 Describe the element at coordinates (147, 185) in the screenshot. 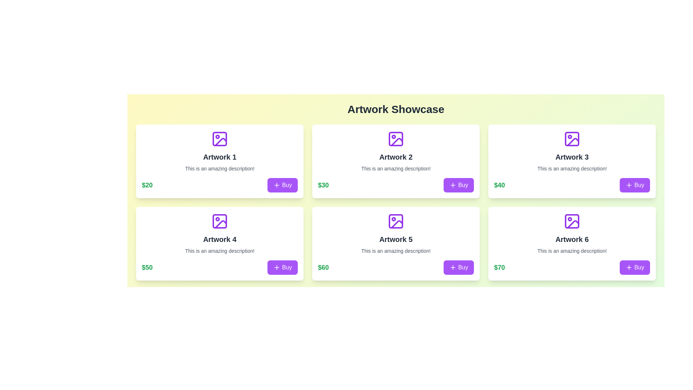

I see `the static text element displaying the amount '$20' in bold green font, located in the bottom-left corner of the card for 'Artwork 1', to the left of the 'Buy' button` at that location.